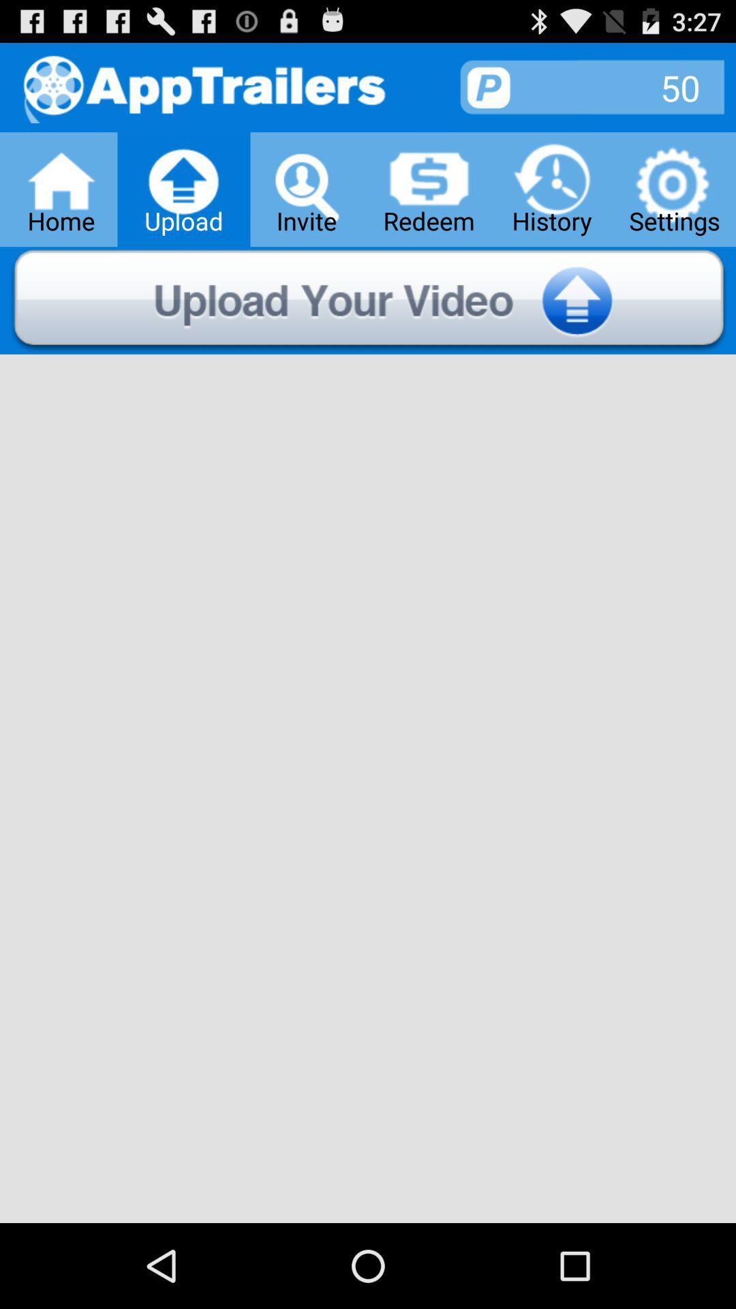 This screenshot has height=1309, width=736. I want to click on download, so click(368, 300).